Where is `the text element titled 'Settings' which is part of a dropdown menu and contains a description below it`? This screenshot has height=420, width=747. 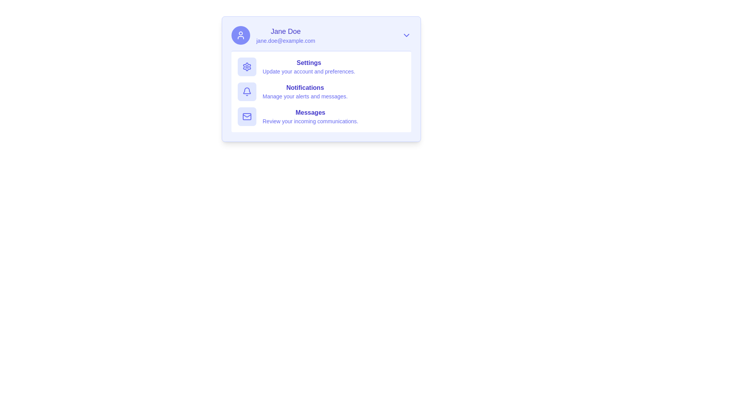 the text element titled 'Settings' which is part of a dropdown menu and contains a description below it is located at coordinates (309, 66).